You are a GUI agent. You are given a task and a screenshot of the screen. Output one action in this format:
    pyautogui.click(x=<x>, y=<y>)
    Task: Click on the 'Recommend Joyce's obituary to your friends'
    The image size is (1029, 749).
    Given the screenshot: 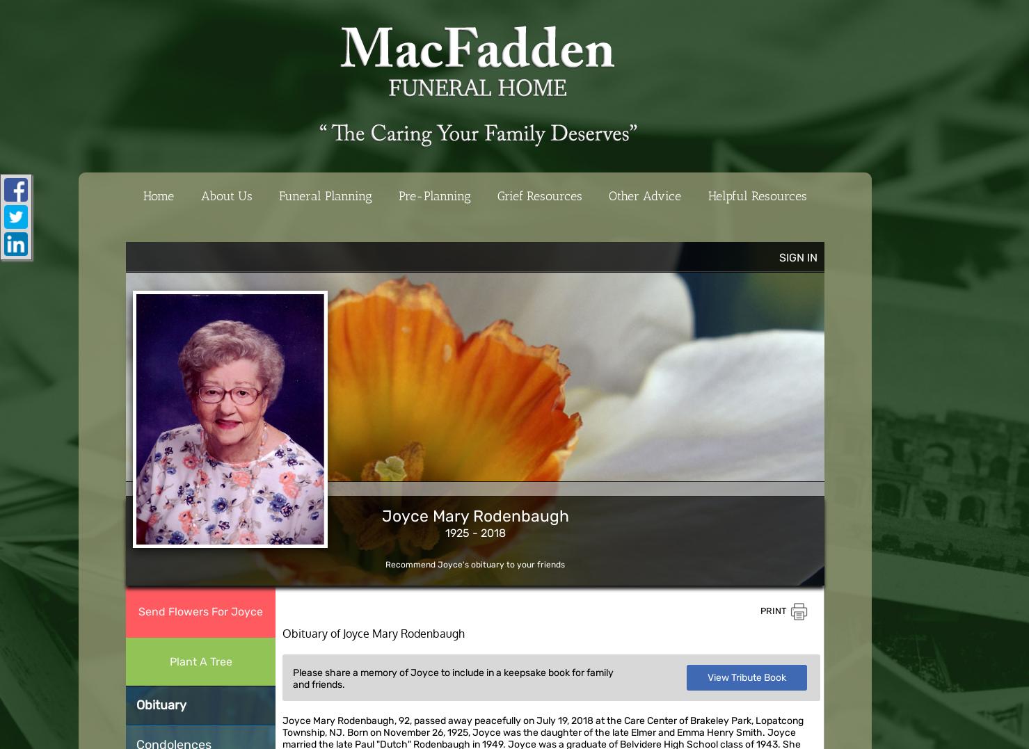 What is the action you would take?
    pyautogui.click(x=385, y=563)
    